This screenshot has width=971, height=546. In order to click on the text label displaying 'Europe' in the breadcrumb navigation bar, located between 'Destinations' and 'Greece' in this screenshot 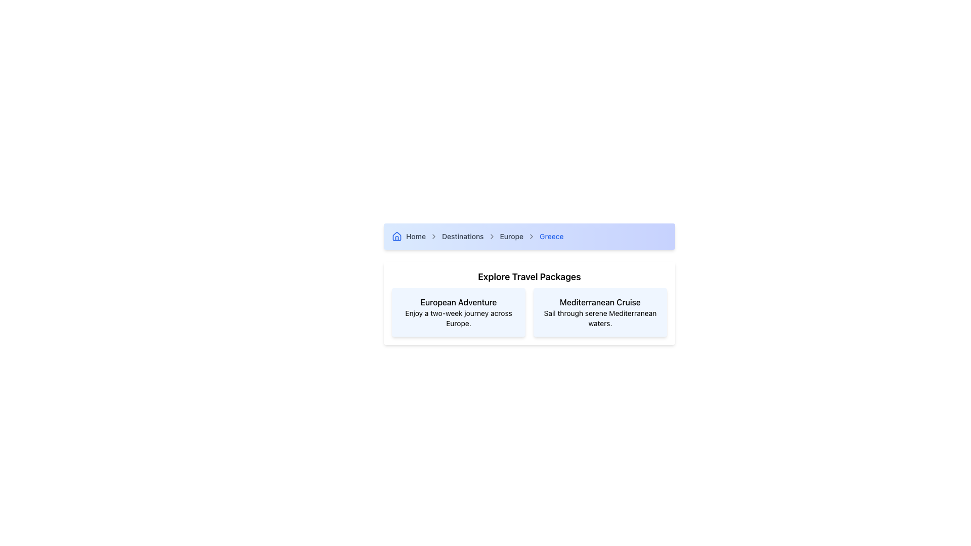, I will do `click(511, 236)`.